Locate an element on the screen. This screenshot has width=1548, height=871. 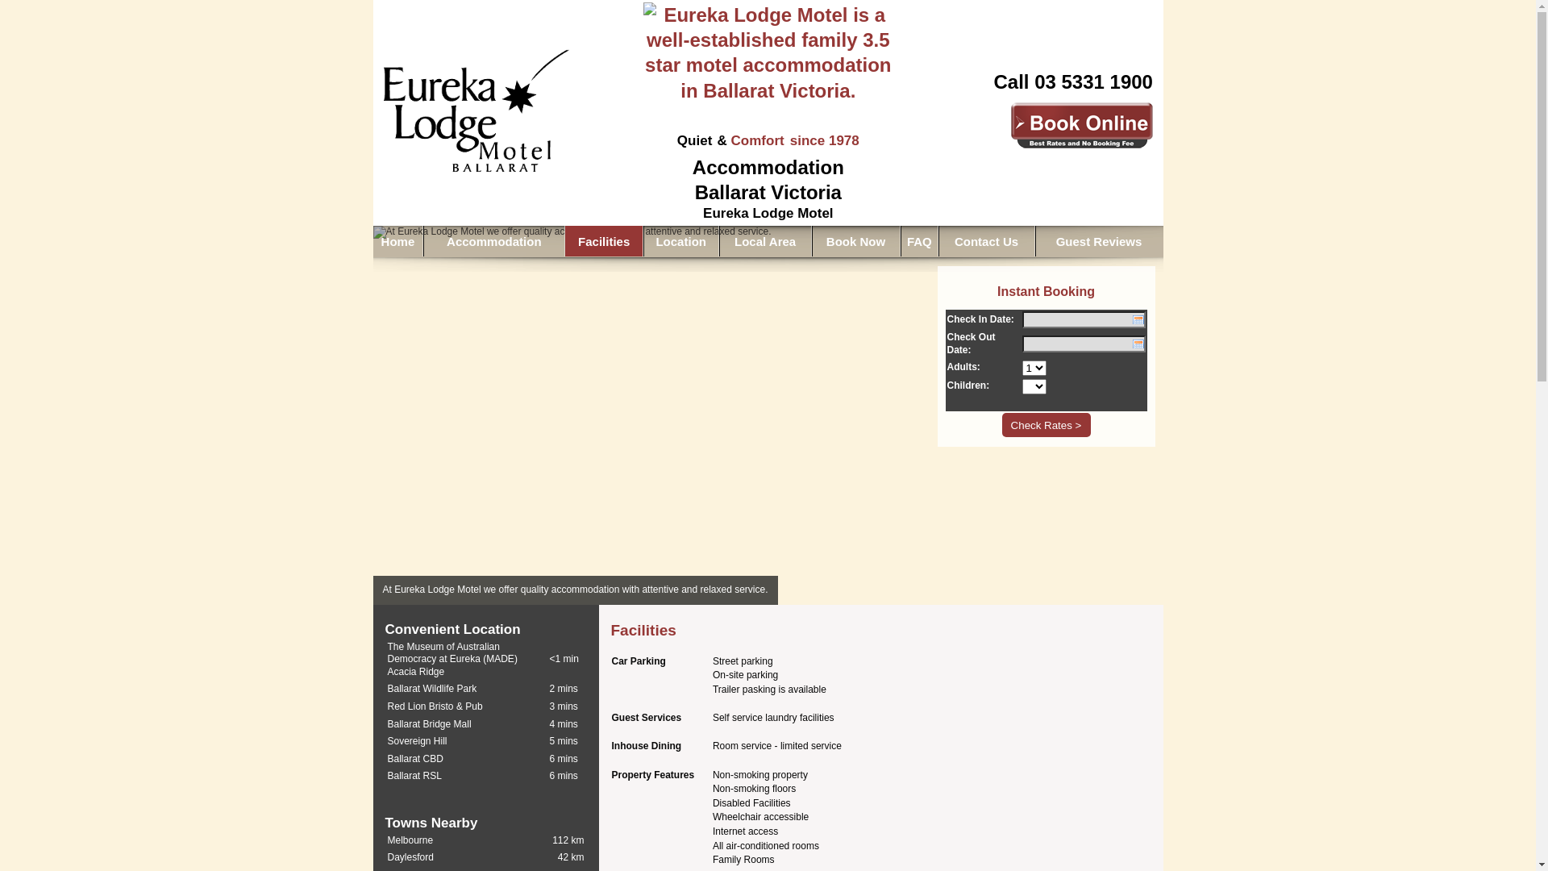
'Local Area' is located at coordinates (764, 241).